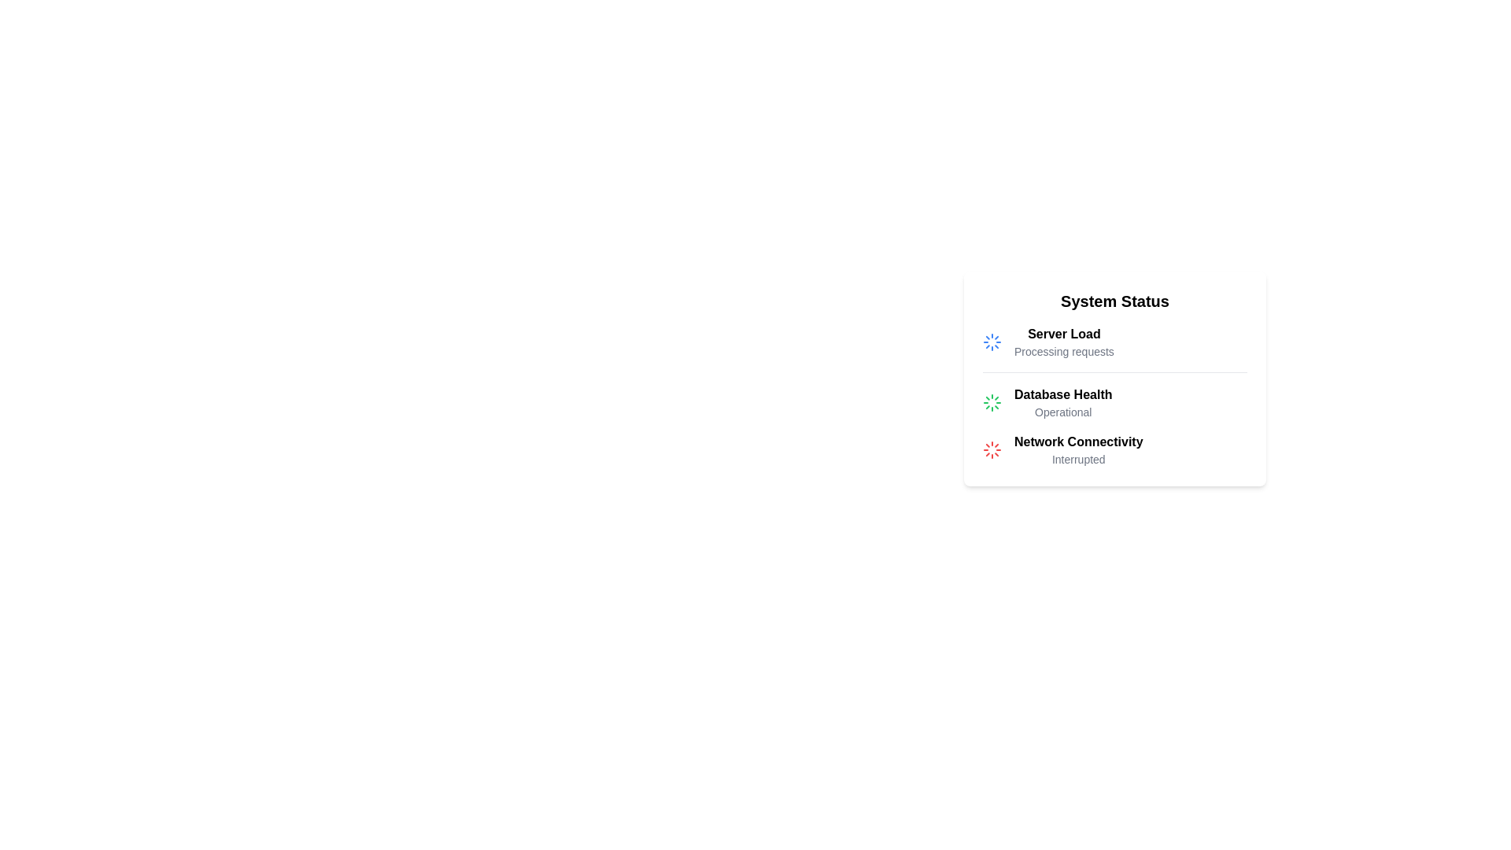 The height and width of the screenshot is (850, 1511). I want to click on the Animated loader icon that indicates an ongoing process, which is vertically aligned with the text 'Database Health' in the 'System Status' card, so click(992, 402).